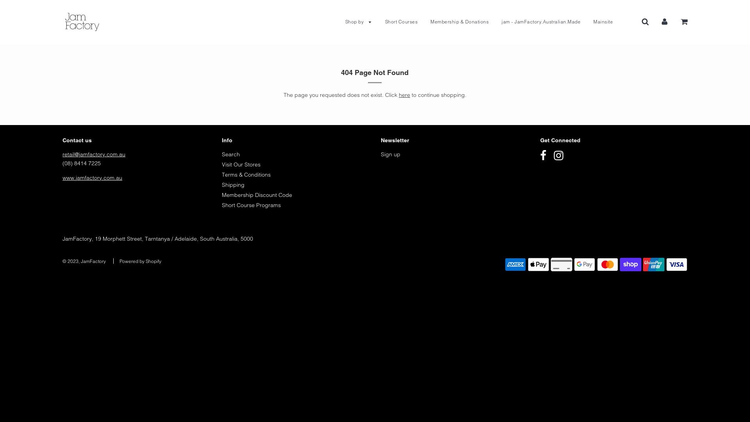 This screenshot has width=750, height=422. I want to click on 'Visit Our Stores', so click(241, 164).